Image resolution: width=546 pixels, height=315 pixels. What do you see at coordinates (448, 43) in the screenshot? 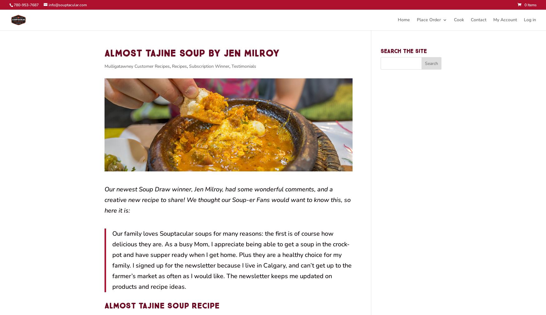
I see `'Pay For Your Order'` at bounding box center [448, 43].